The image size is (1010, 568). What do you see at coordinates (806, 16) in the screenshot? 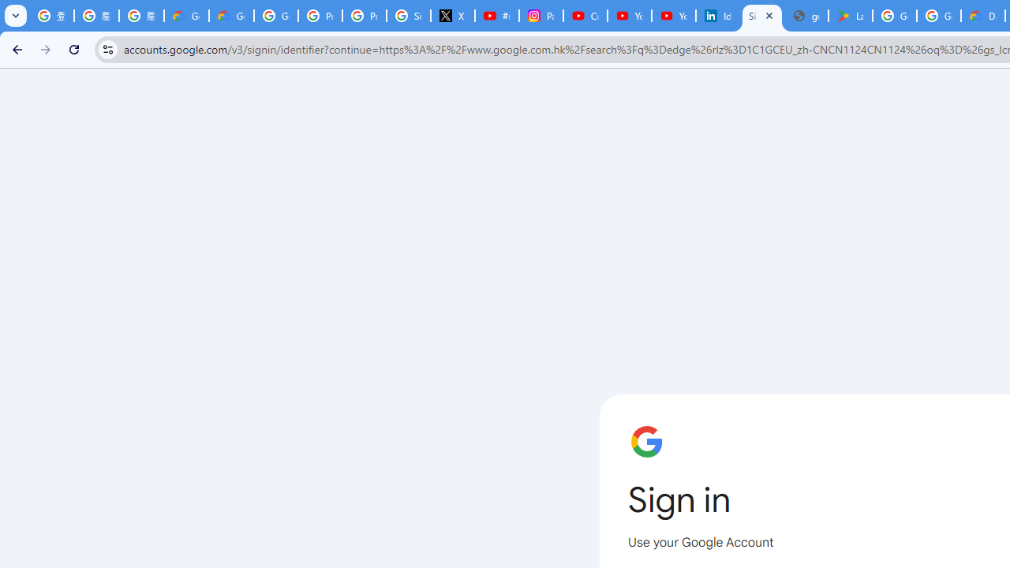
I see `'google_privacy_policy_en.pdf'` at bounding box center [806, 16].